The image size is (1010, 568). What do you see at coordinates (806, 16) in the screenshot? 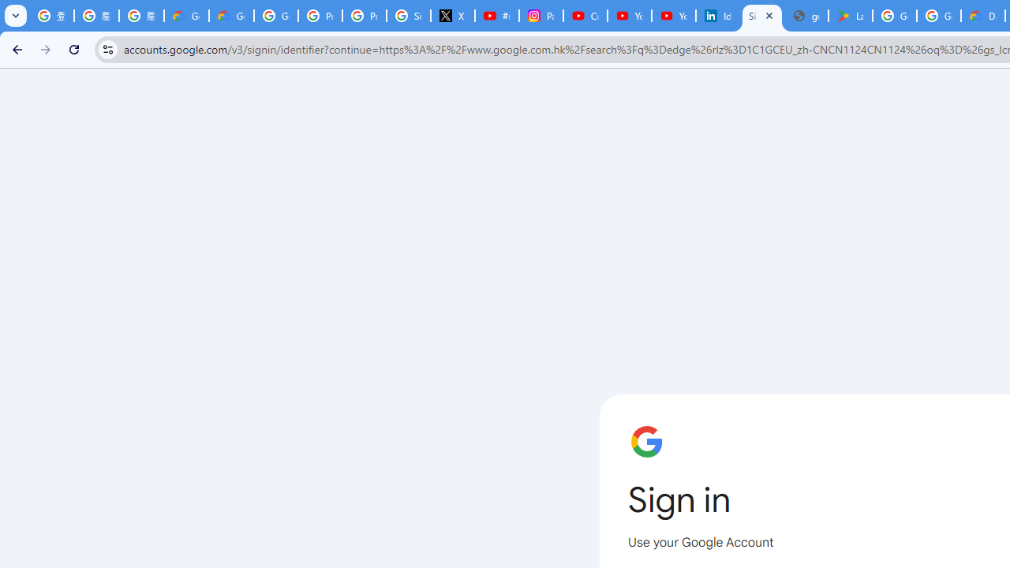
I see `'google_privacy_policy_en.pdf'` at bounding box center [806, 16].